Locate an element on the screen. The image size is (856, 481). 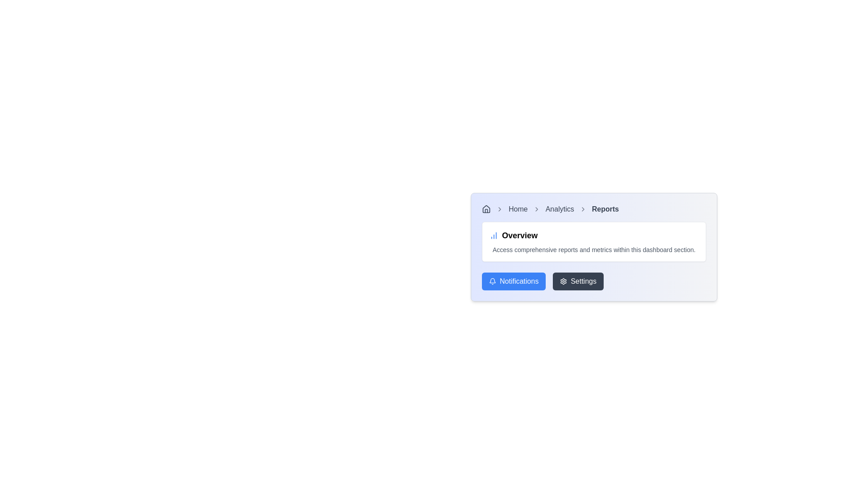
the 'Settings' button located at the bottom-right corner of the card, which has a gray background and white text alongside a gear icon is located at coordinates (578, 281).